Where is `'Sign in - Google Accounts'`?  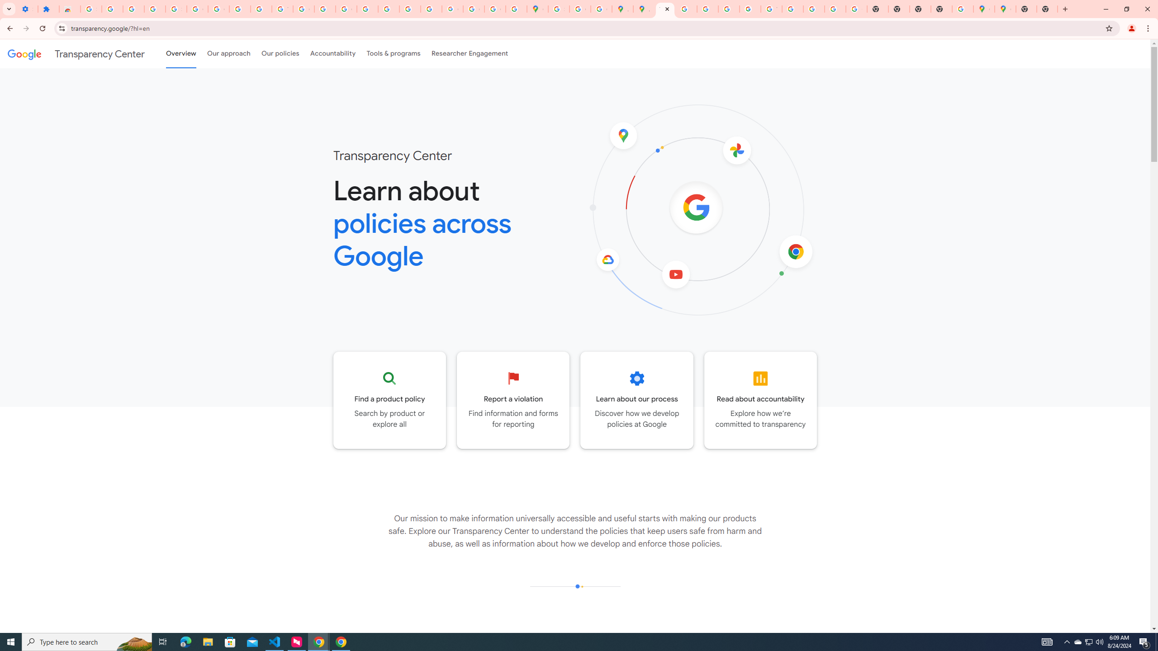 'Sign in - Google Accounts' is located at coordinates (90, 9).